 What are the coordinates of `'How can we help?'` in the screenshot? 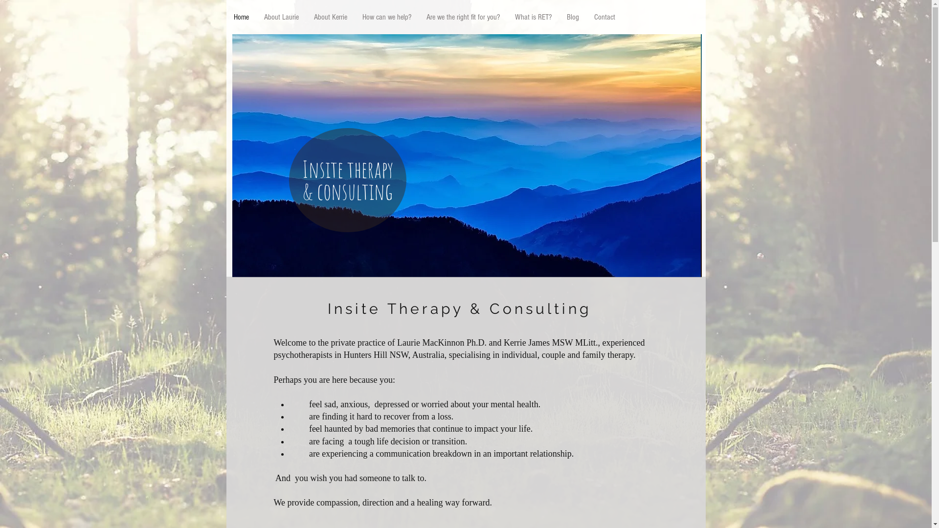 It's located at (385, 17).